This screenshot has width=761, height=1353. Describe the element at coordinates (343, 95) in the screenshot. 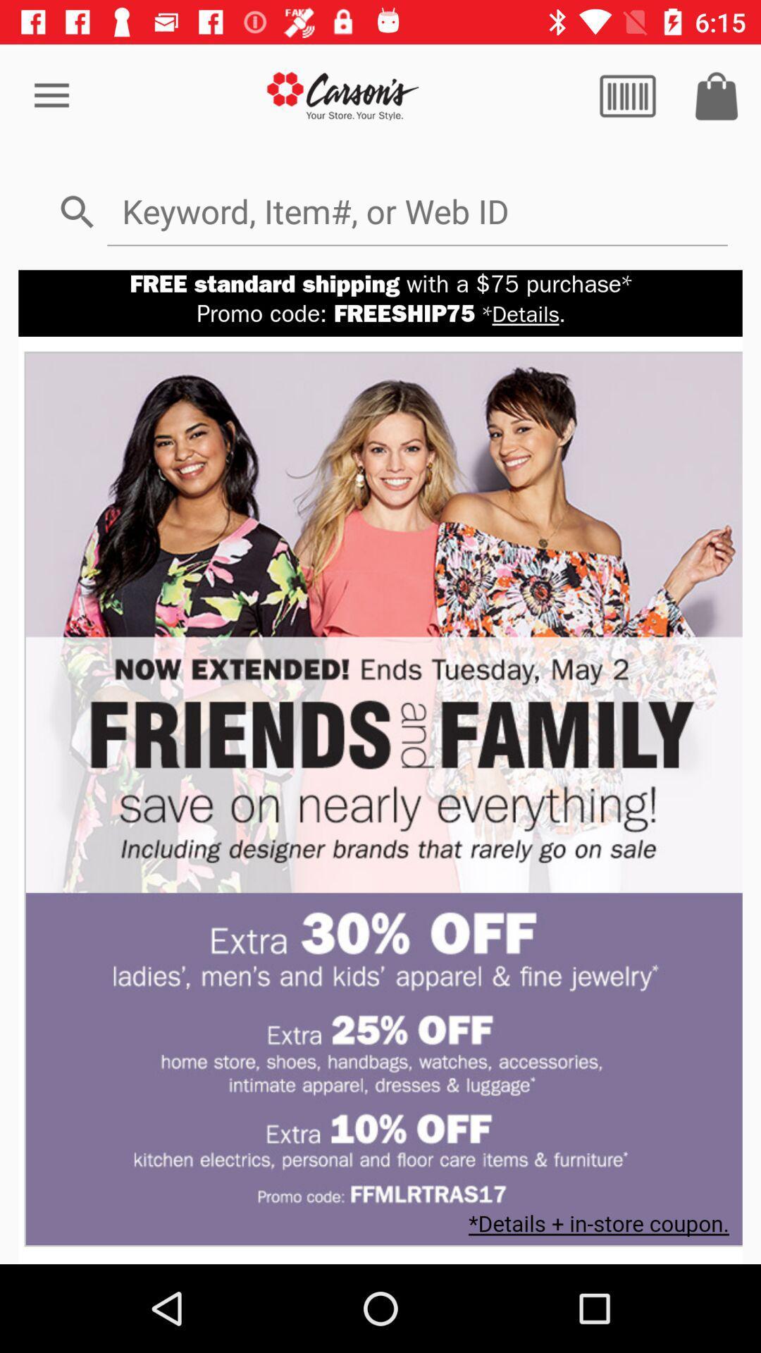

I see `go store home page` at that location.